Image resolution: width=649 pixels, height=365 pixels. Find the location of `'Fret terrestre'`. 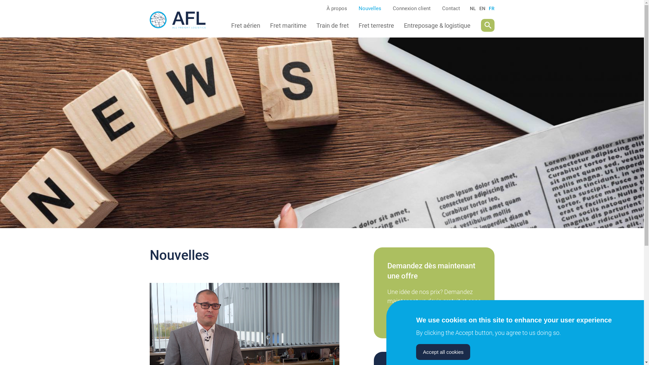

'Fret terrestre' is located at coordinates (376, 25).